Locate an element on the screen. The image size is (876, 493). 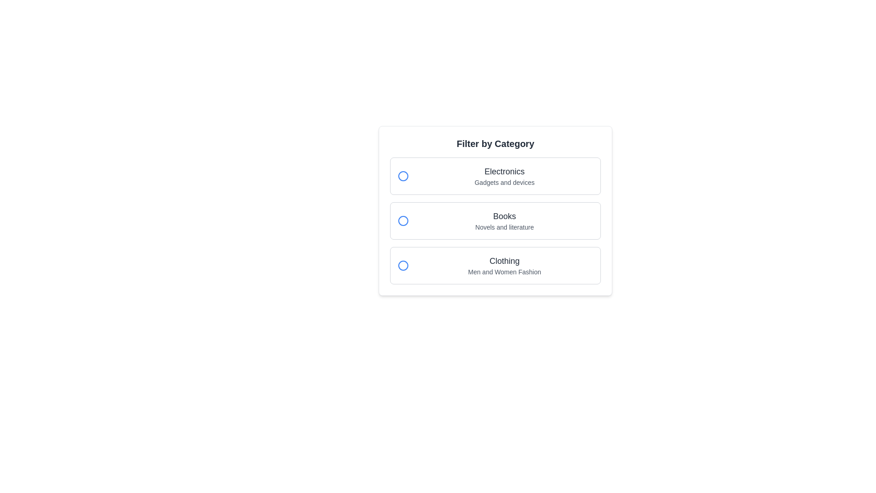
the 'Clothing' text label which is bold and larger, located in the third position under 'Filter by Category' is located at coordinates (504, 266).